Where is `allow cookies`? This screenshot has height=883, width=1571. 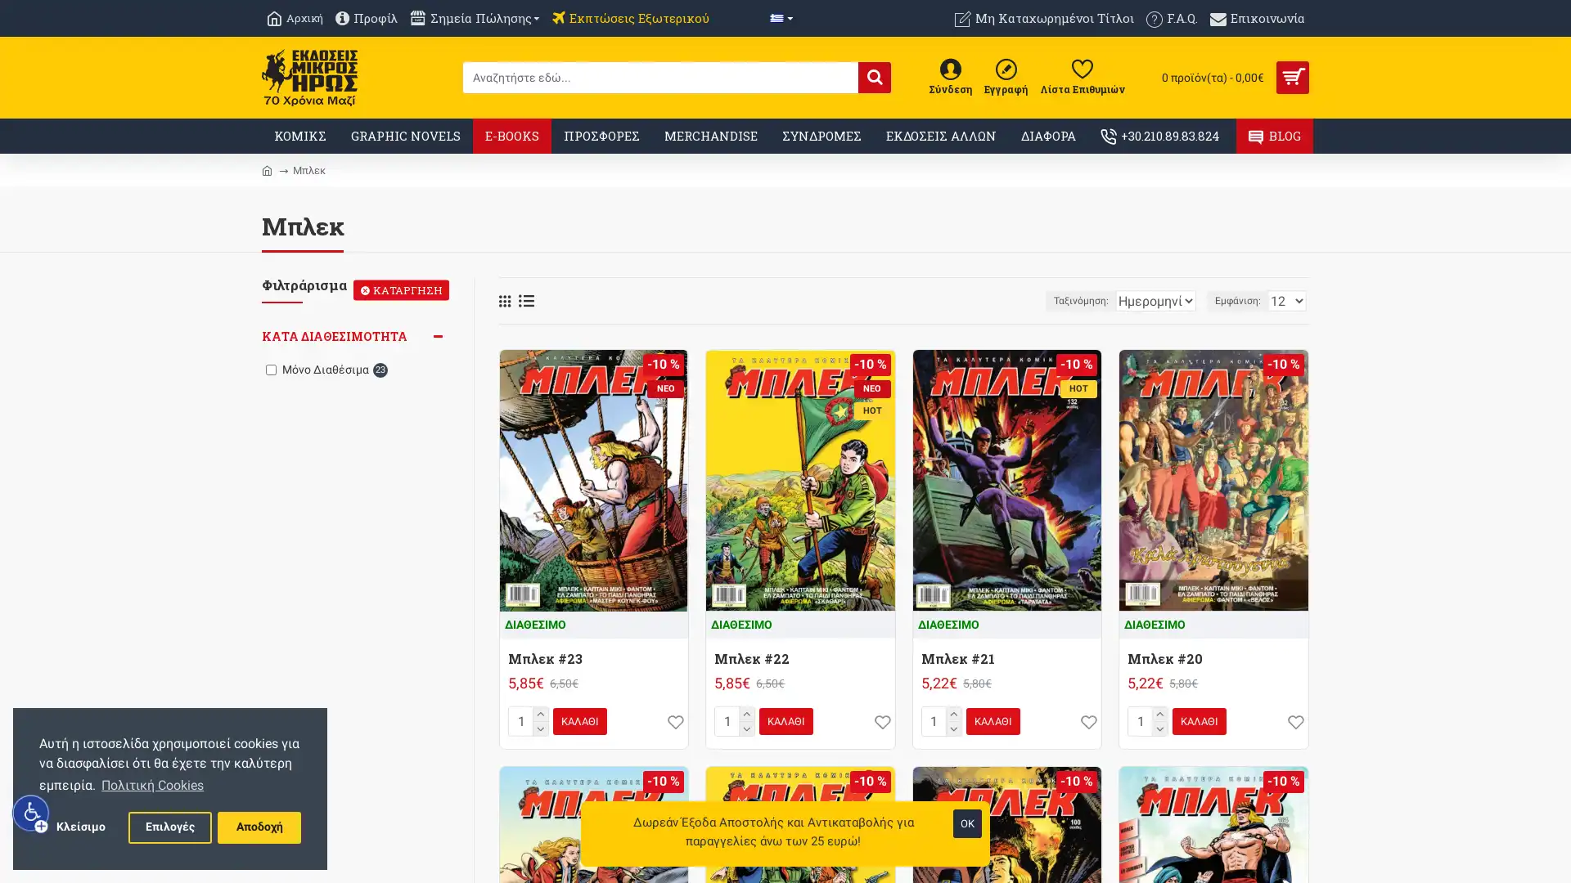
allow cookies is located at coordinates (258, 827).